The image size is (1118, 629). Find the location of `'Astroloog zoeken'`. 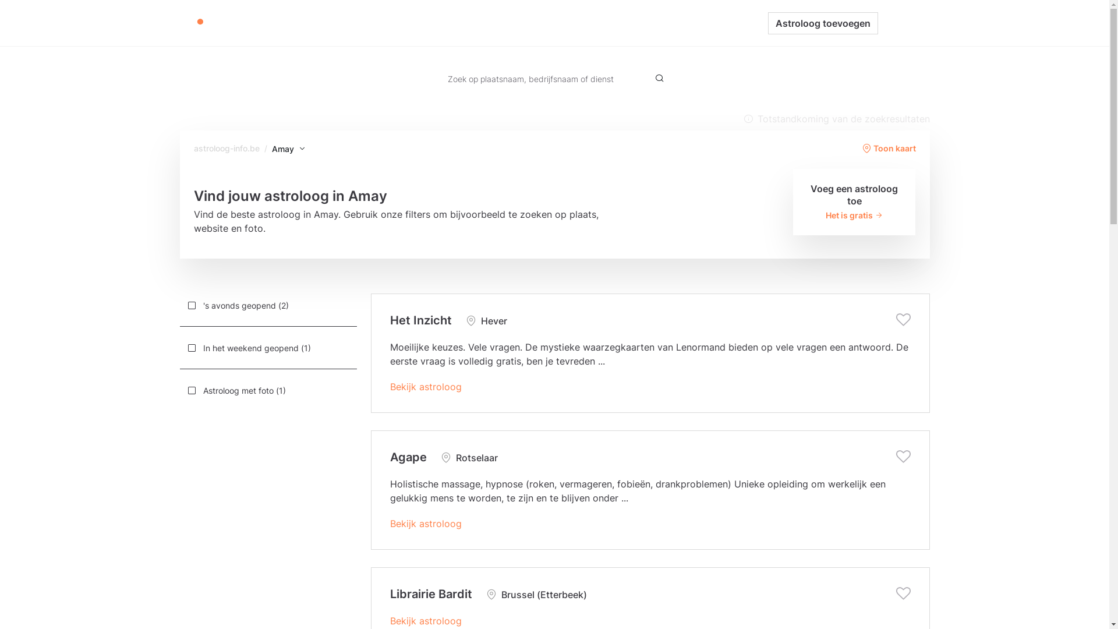

'Astroloog zoeken' is located at coordinates (483, 23).